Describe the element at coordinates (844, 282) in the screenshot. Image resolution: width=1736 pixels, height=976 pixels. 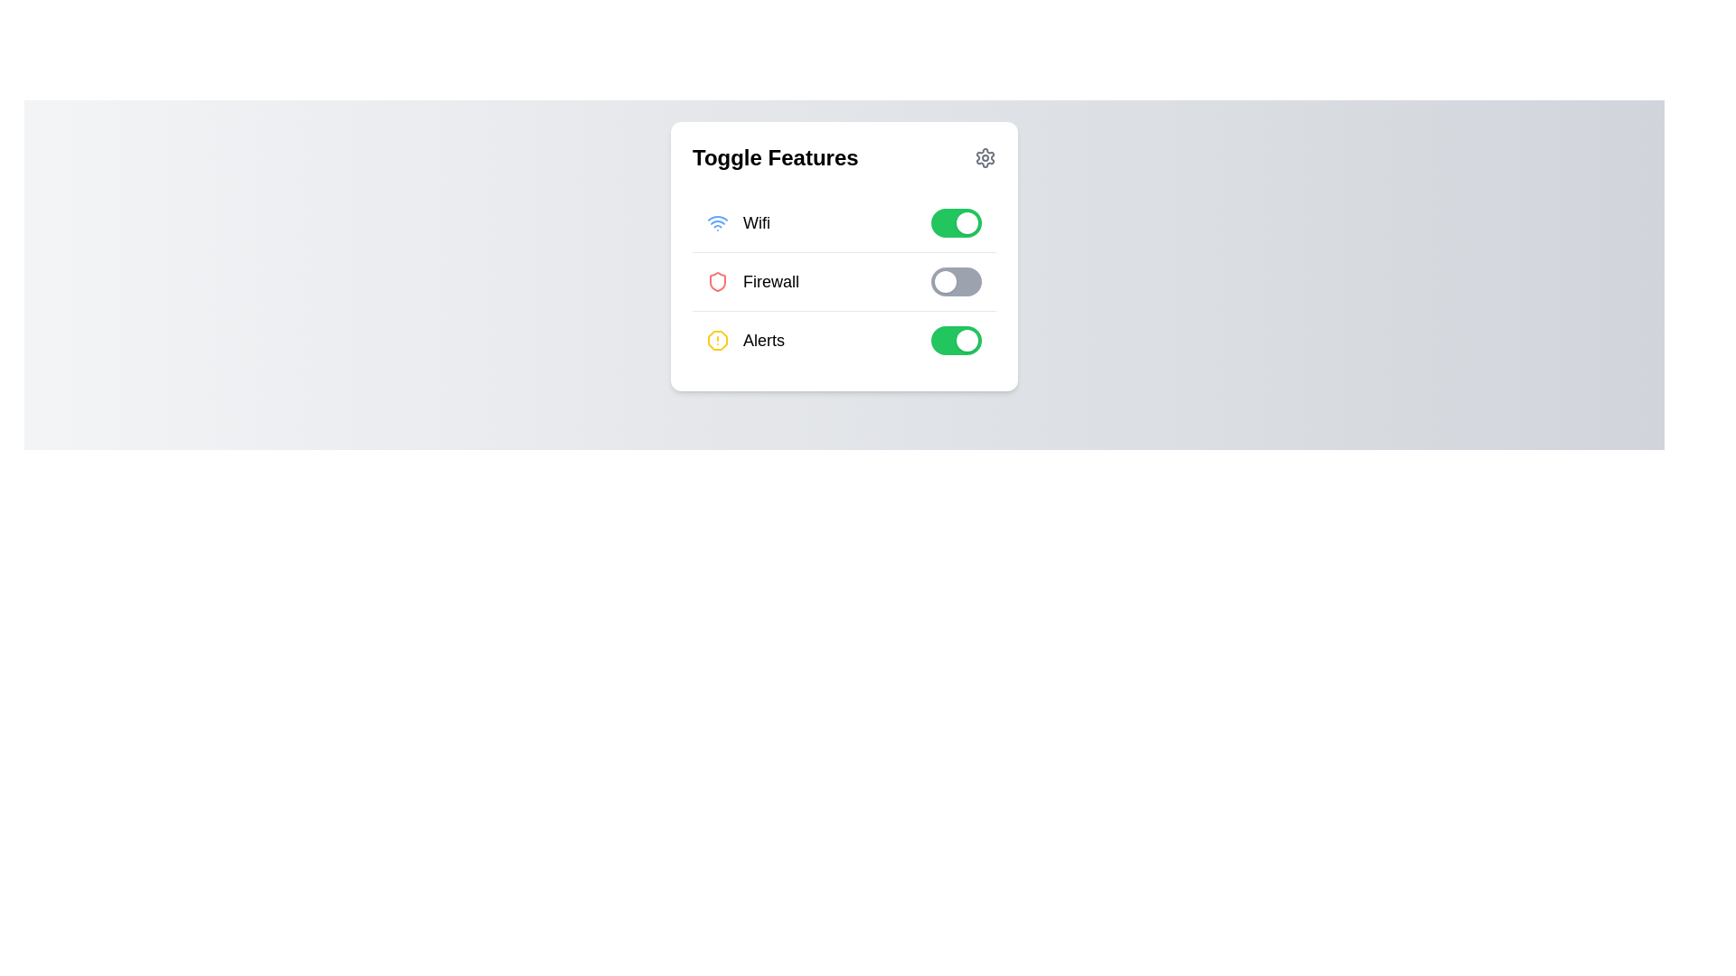
I see `the 'Firewall' label or the red shield icon in the toggle row` at that location.